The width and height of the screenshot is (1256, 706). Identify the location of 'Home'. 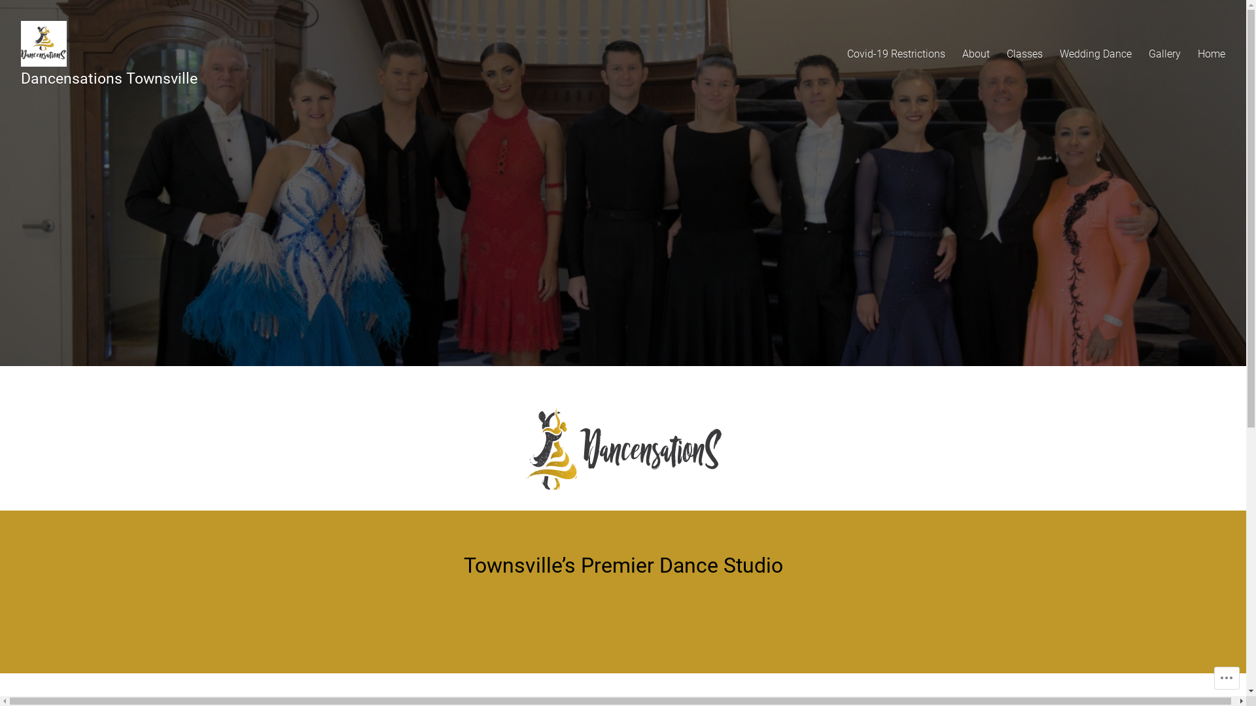
(1211, 53).